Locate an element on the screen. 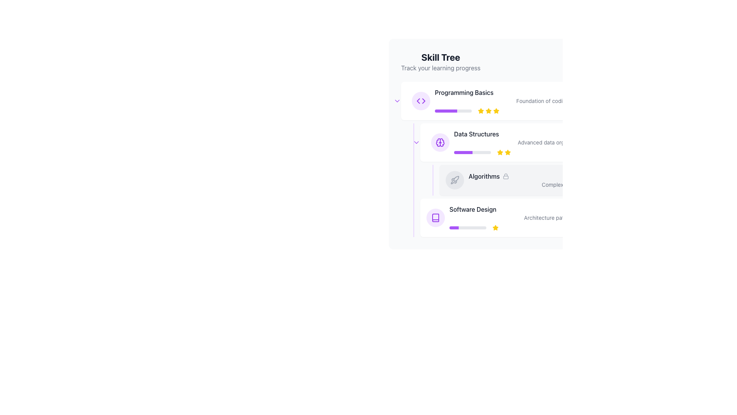 The image size is (737, 415). text label element that displays 'Architecture patterns', which provides additional context below the title 'Software Design' is located at coordinates (550, 218).